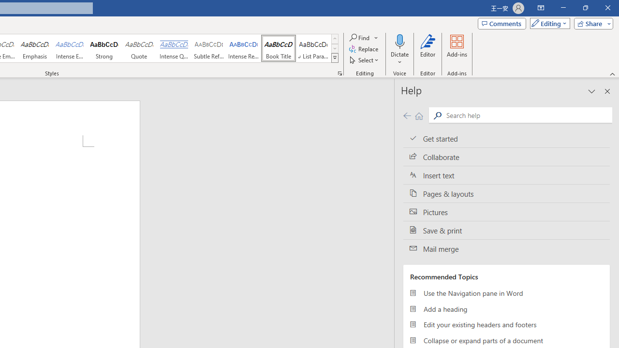 The height and width of the screenshot is (348, 619). I want to click on 'Pages & layouts', so click(506, 194).